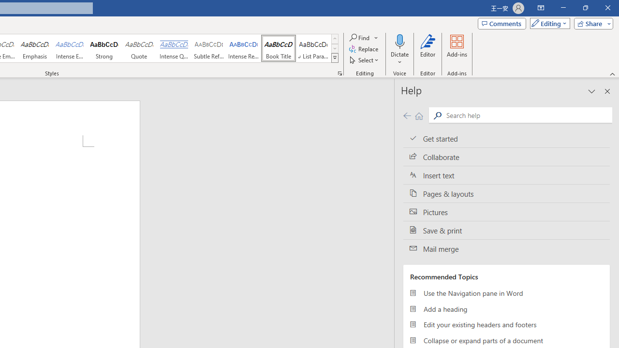 The height and width of the screenshot is (348, 619). I want to click on 'Pages & layouts', so click(506, 194).